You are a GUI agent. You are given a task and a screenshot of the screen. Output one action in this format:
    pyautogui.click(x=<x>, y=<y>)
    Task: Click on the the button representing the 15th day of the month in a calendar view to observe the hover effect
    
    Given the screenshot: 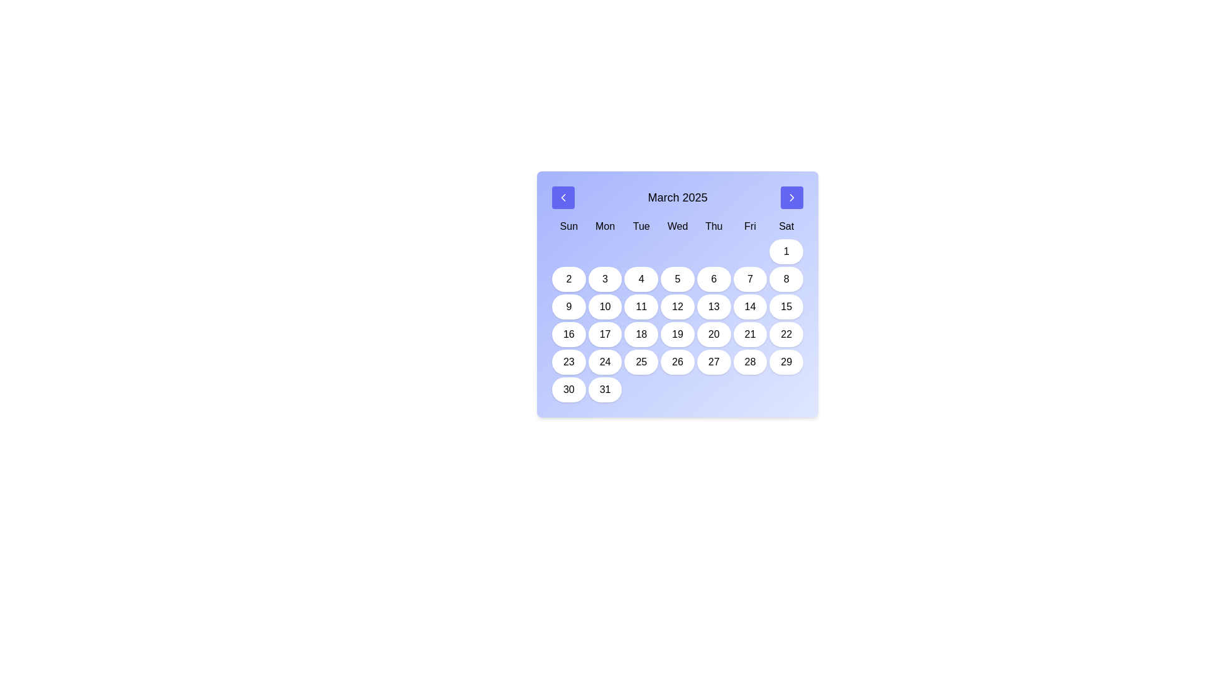 What is the action you would take?
    pyautogui.click(x=786, y=307)
    